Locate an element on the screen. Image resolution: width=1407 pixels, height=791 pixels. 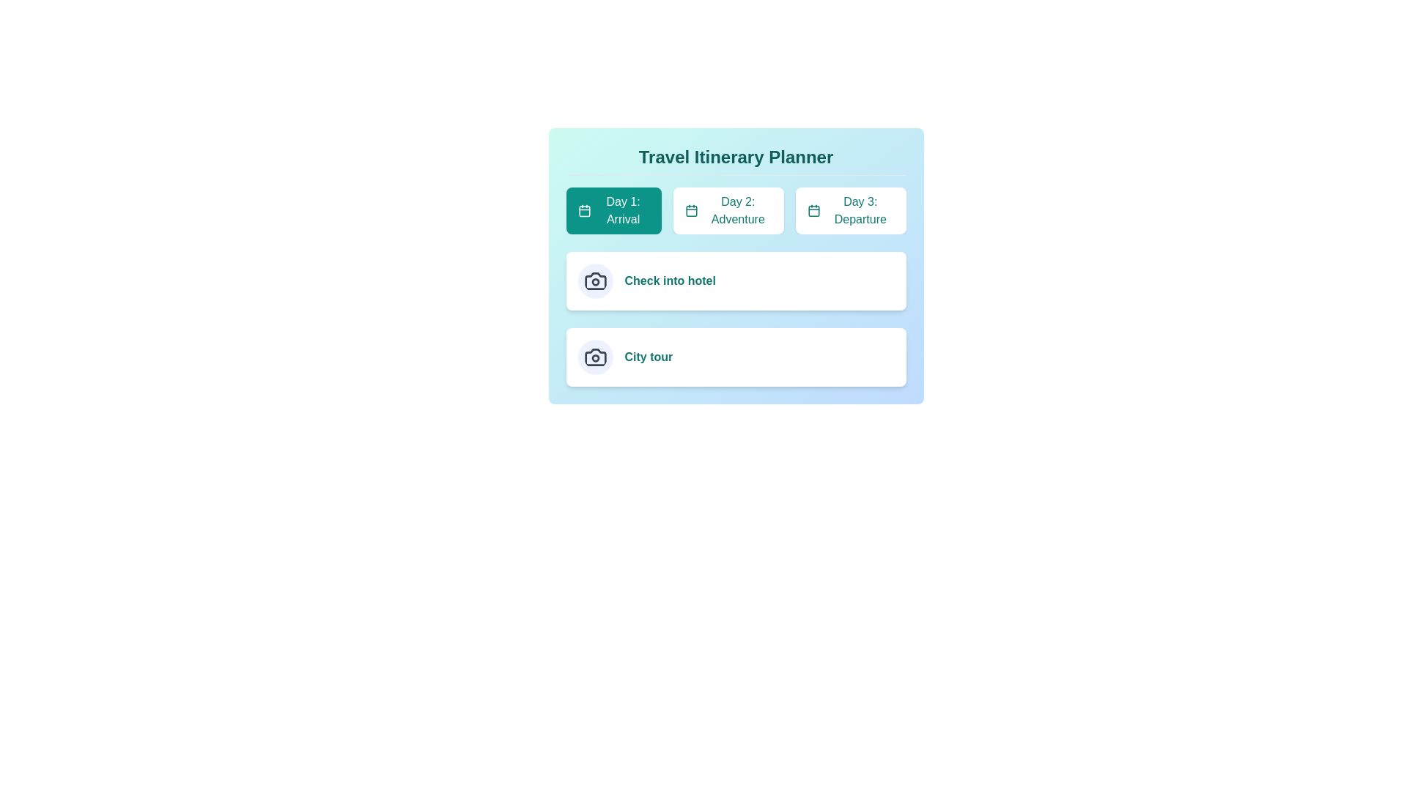
the day tab corresponding to Day 1: Arrival is located at coordinates (613, 211).